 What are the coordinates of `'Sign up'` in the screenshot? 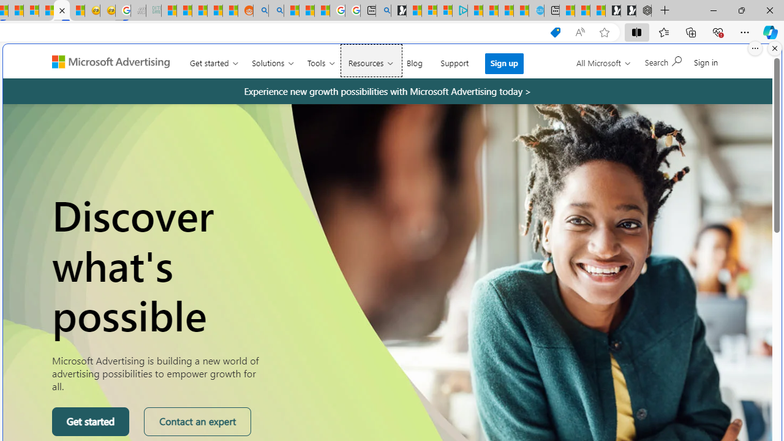 It's located at (504, 64).